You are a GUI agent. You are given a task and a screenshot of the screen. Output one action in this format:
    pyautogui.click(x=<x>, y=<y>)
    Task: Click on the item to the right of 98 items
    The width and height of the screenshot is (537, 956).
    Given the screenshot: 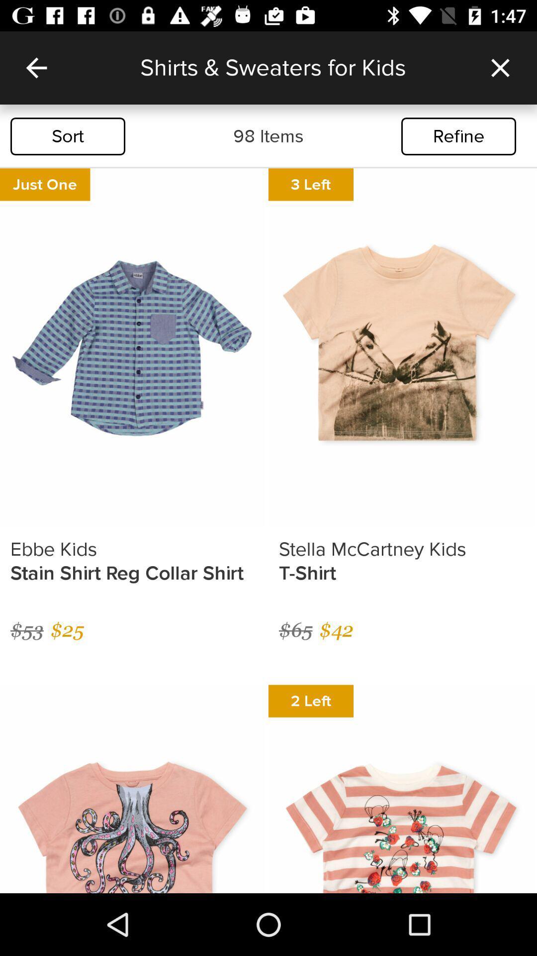 What is the action you would take?
    pyautogui.click(x=458, y=136)
    